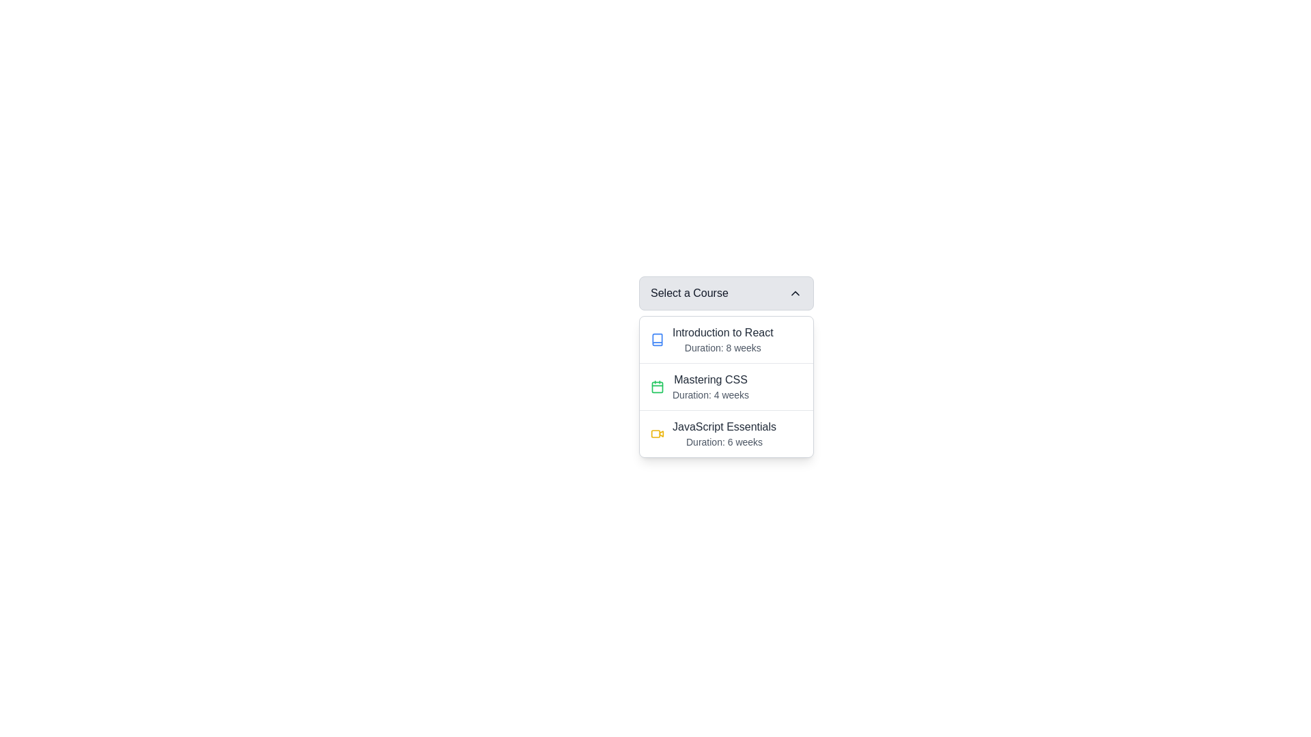 The width and height of the screenshot is (1311, 737). I want to click on the course selection option labeled 'Mastering CSS', which is the second item in the list of course options, so click(726, 387).